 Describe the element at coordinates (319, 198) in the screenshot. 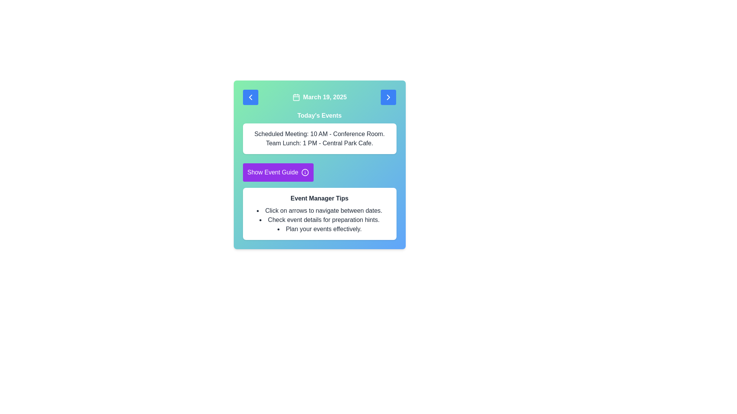

I see `the title text element that serves as a header for the informational content, positioned centrally within a white rounded box at the bottom of the teal card` at that location.